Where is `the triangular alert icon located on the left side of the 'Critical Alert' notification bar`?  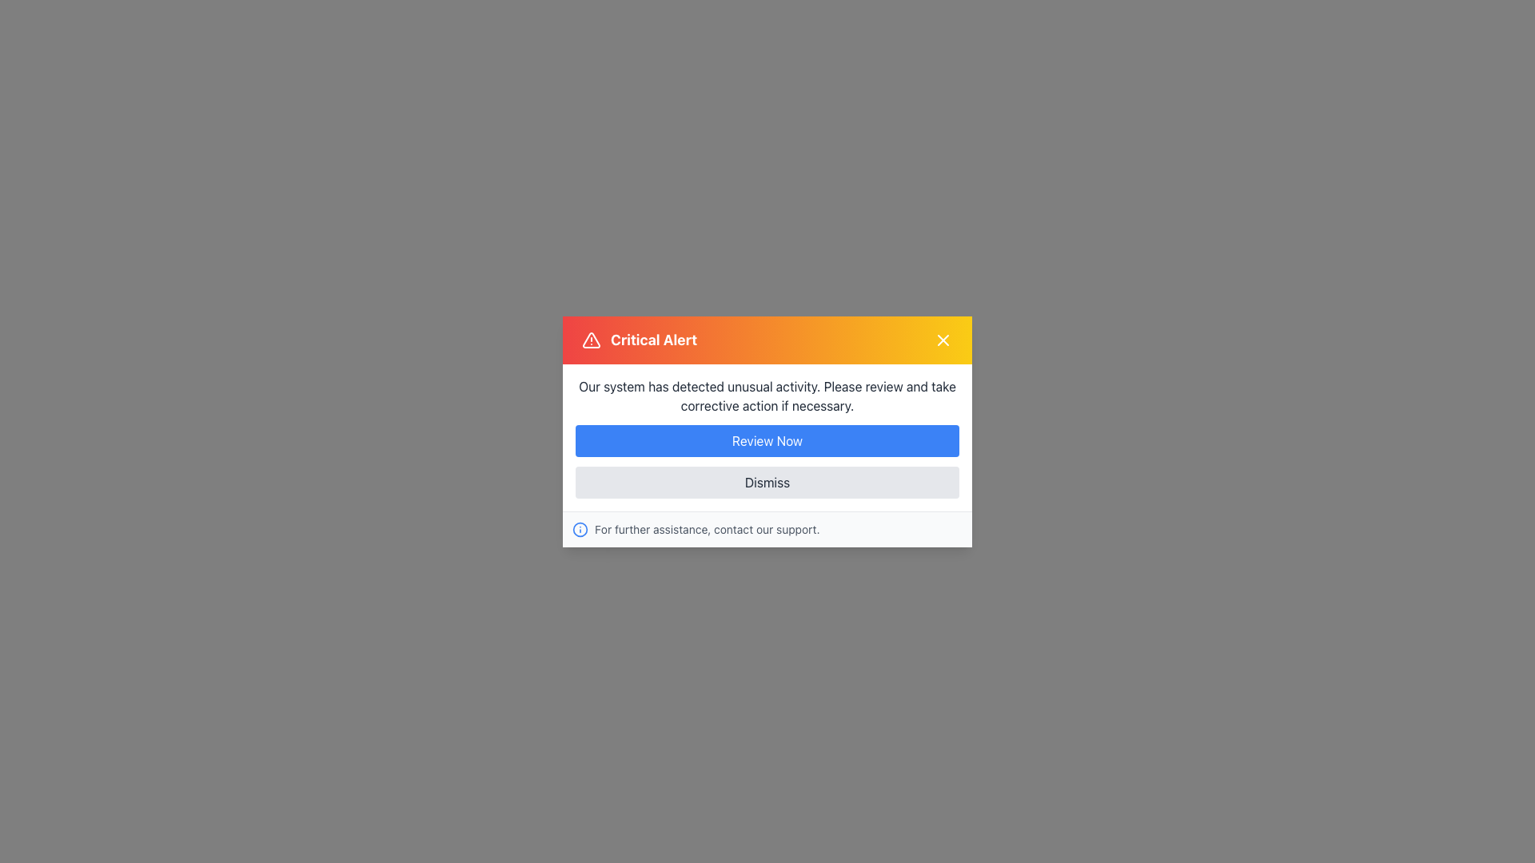
the triangular alert icon located on the left side of the 'Critical Alert' notification bar is located at coordinates (590, 339).